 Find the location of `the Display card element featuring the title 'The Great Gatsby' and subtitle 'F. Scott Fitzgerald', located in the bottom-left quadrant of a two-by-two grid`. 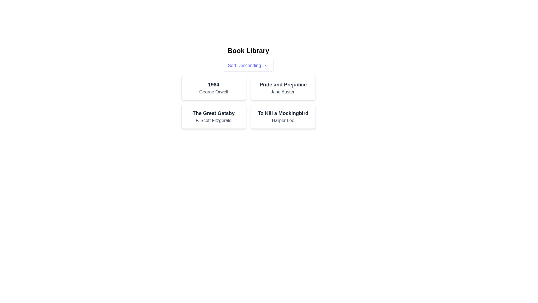

the Display card element featuring the title 'The Great Gatsby' and subtitle 'F. Scott Fitzgerald', located in the bottom-left quadrant of a two-by-two grid is located at coordinates (213, 116).